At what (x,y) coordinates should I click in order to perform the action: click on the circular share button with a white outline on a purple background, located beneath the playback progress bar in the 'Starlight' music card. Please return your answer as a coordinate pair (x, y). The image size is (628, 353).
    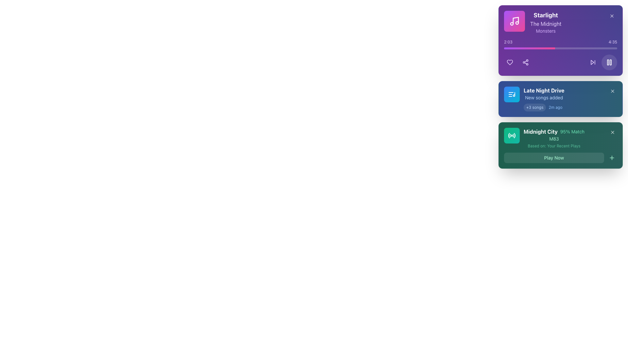
    Looking at the image, I should click on (526, 62).